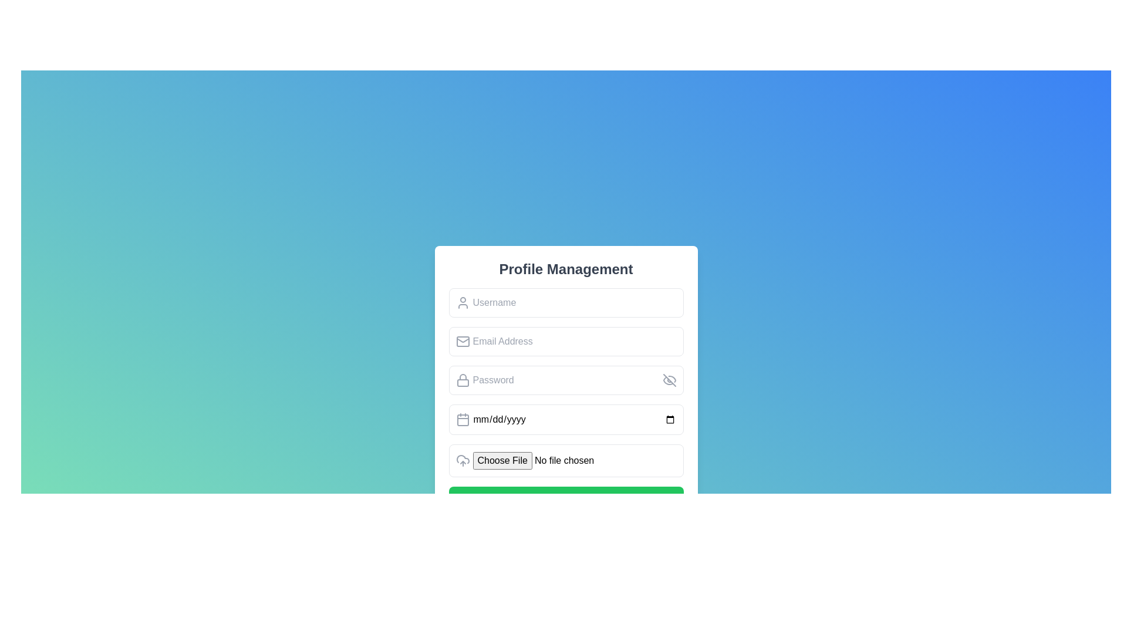 The height and width of the screenshot is (634, 1127). I want to click on the gray envelope icon located to the left of the 'Email Address' input field, which is visually centered within the field, so click(462, 342).